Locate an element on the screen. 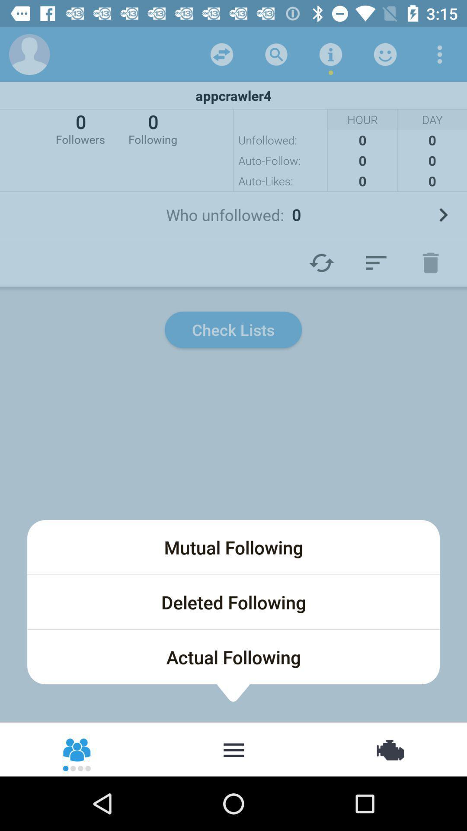  item below who unfollowed:  0 is located at coordinates (430, 262).